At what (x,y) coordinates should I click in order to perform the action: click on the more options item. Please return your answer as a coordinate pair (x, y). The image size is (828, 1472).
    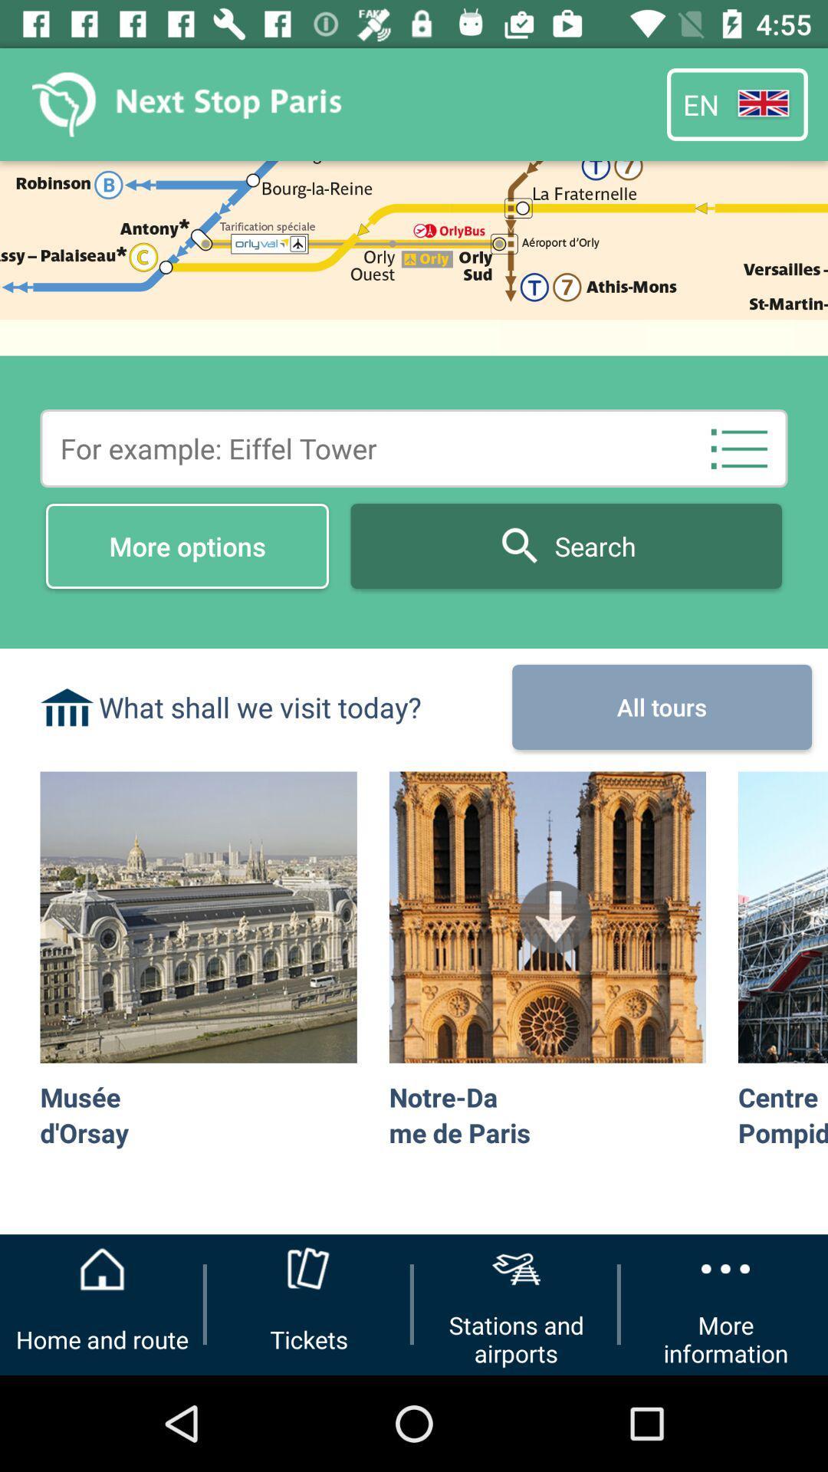
    Looking at the image, I should click on (186, 546).